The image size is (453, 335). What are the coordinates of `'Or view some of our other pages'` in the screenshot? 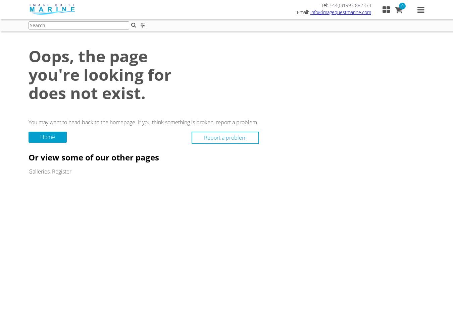 It's located at (93, 156).